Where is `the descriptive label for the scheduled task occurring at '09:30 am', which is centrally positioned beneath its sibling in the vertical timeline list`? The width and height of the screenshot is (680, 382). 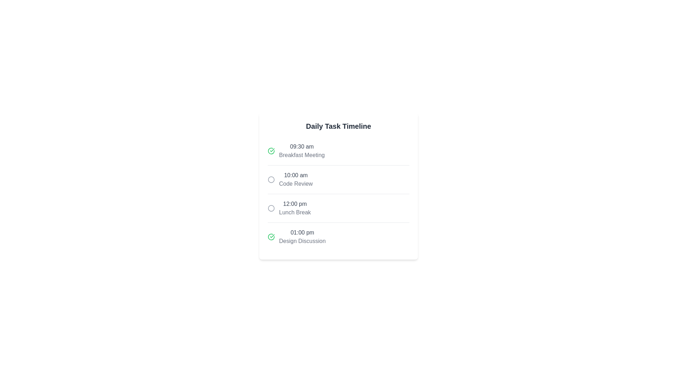 the descriptive label for the scheduled task occurring at '09:30 am', which is centrally positioned beneath its sibling in the vertical timeline list is located at coordinates (302, 155).